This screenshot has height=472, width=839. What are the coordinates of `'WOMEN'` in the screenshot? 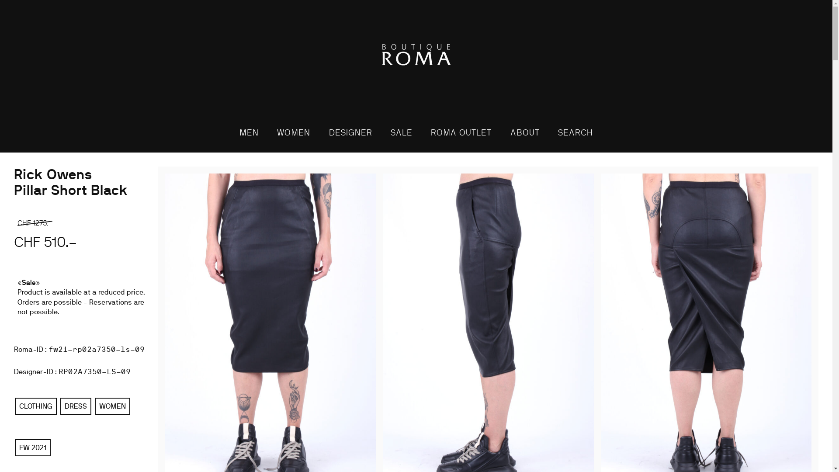 It's located at (94, 406).